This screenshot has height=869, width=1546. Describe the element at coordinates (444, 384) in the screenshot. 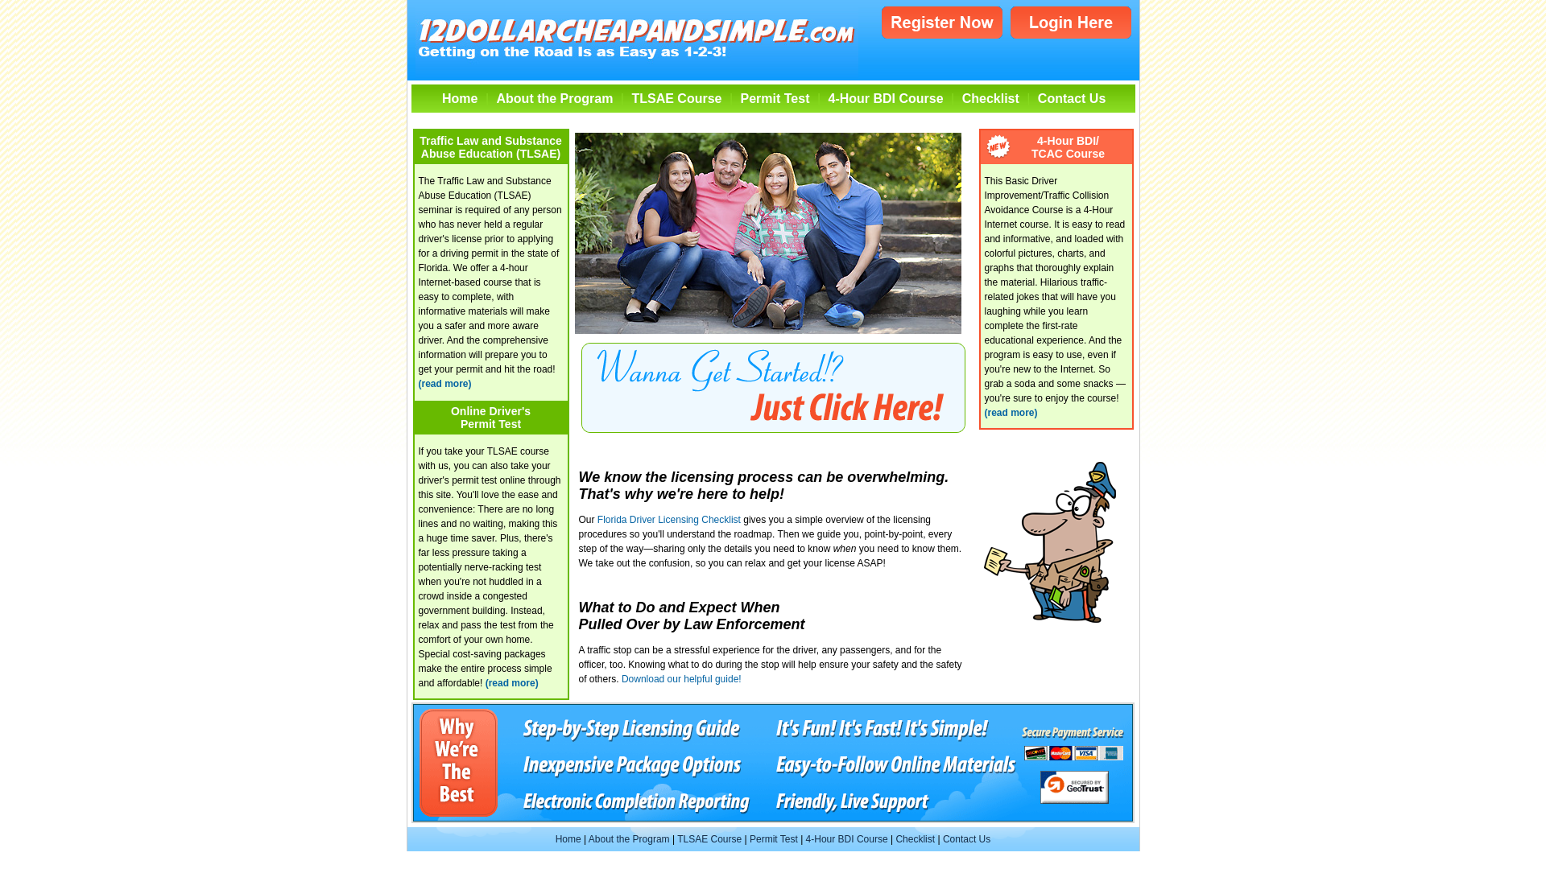

I see `'(read more)'` at that location.